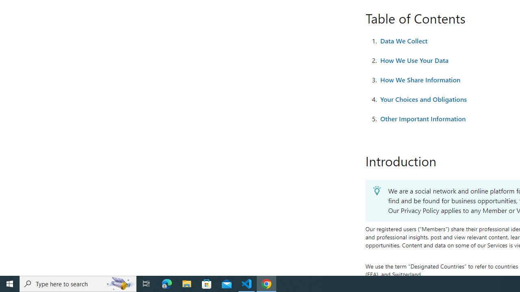 This screenshot has width=520, height=292. Describe the element at coordinates (423, 99) in the screenshot. I see `'Your Choices and Obligations'` at that location.